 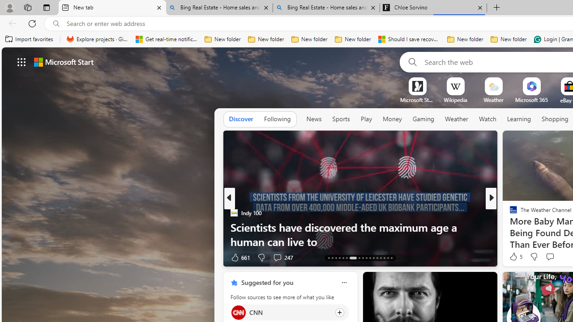 What do you see at coordinates (514, 257) in the screenshot?
I see `'93 Like'` at bounding box center [514, 257].